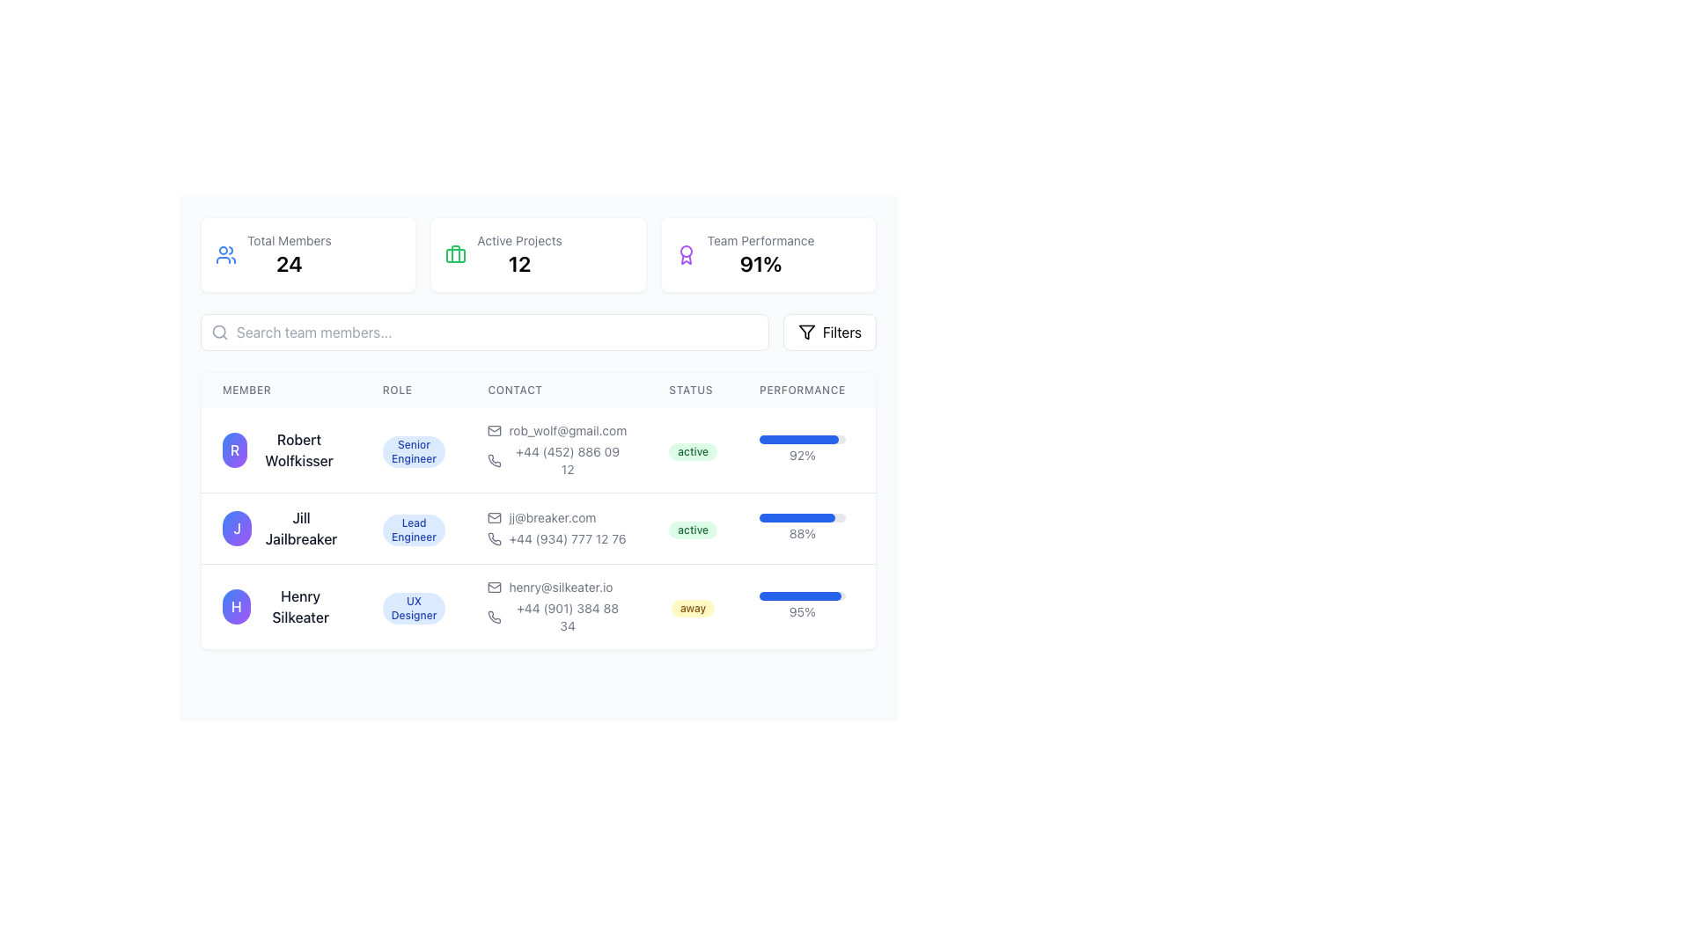 The height and width of the screenshot is (950, 1690). I want to click on text displayed on the role badge located in the third row of the team member details table, which is directly to the right of the name 'Henry Silkeater', so click(413, 607).